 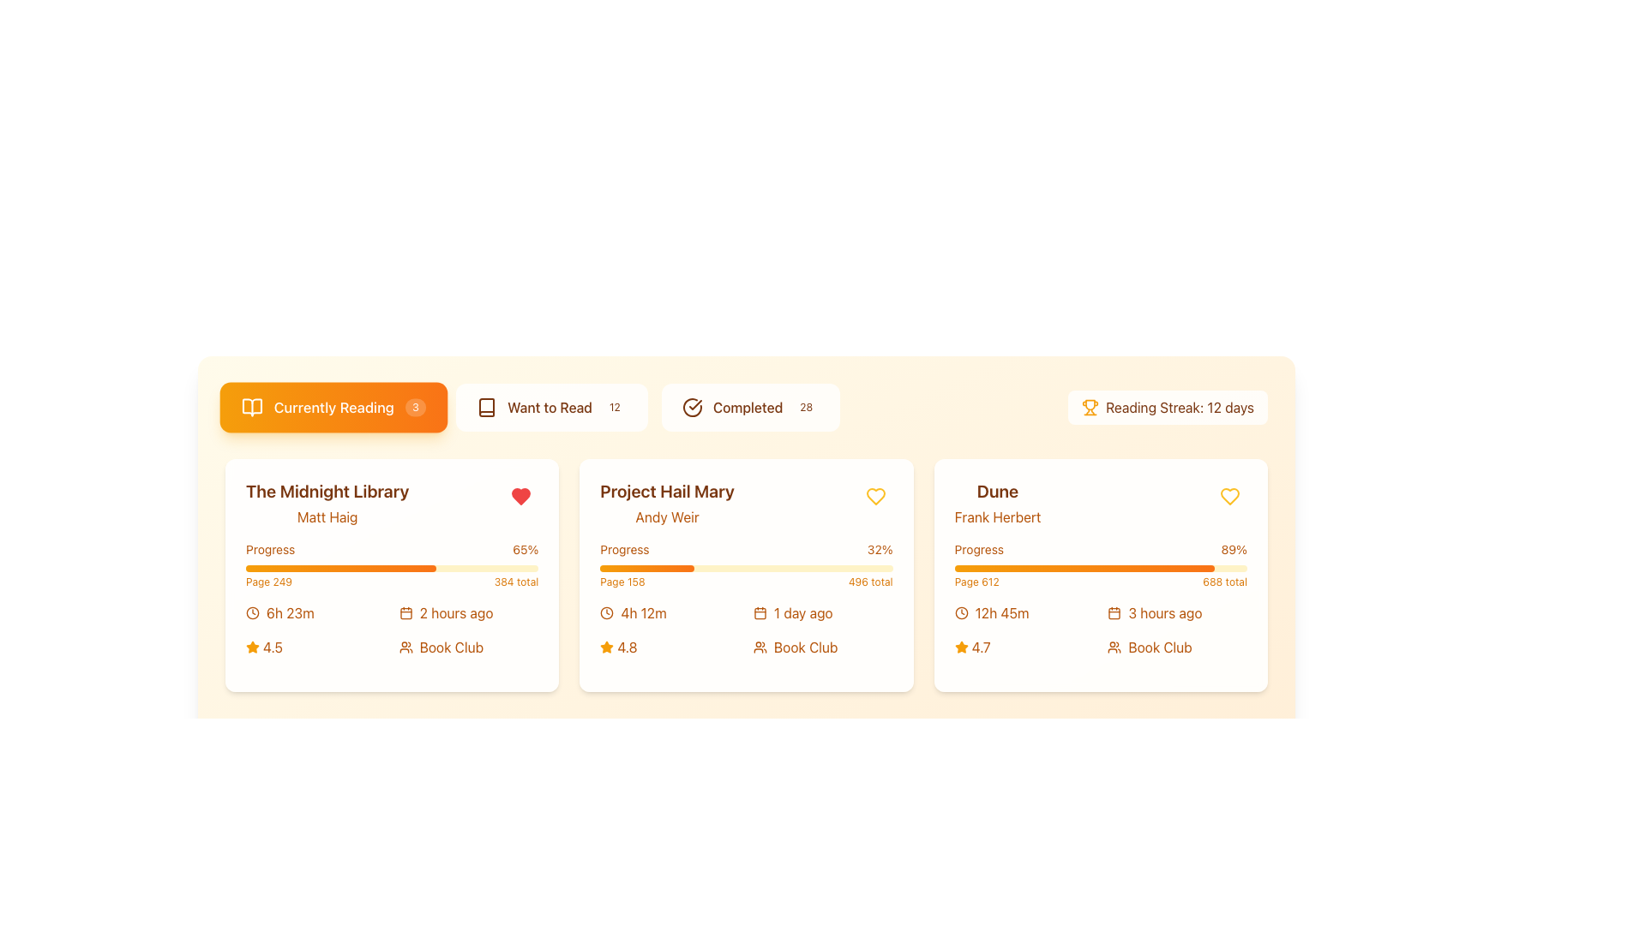 I want to click on the clock icon and text combination displaying '12h 45m' located in the third card of the reading progress section, so click(x=1024, y=612).